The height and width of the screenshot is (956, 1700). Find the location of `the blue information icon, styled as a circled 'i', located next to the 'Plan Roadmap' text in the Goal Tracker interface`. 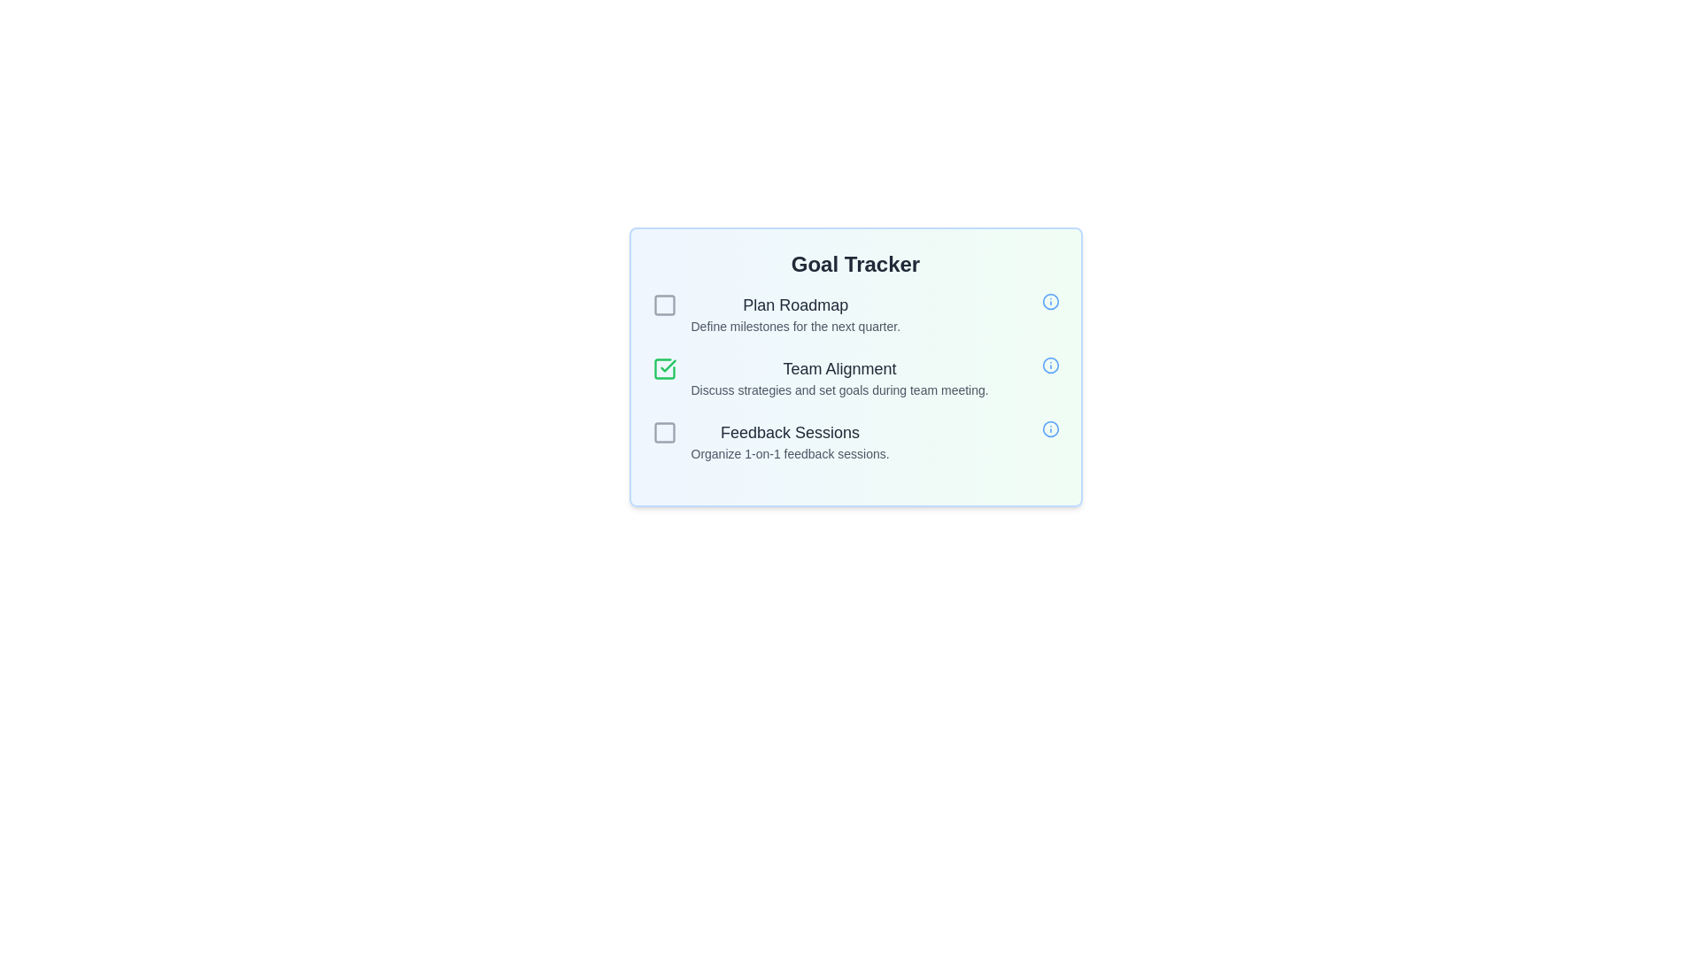

the blue information icon, styled as a circled 'i', located next to the 'Plan Roadmap' text in the Goal Tracker interface is located at coordinates (1050, 300).